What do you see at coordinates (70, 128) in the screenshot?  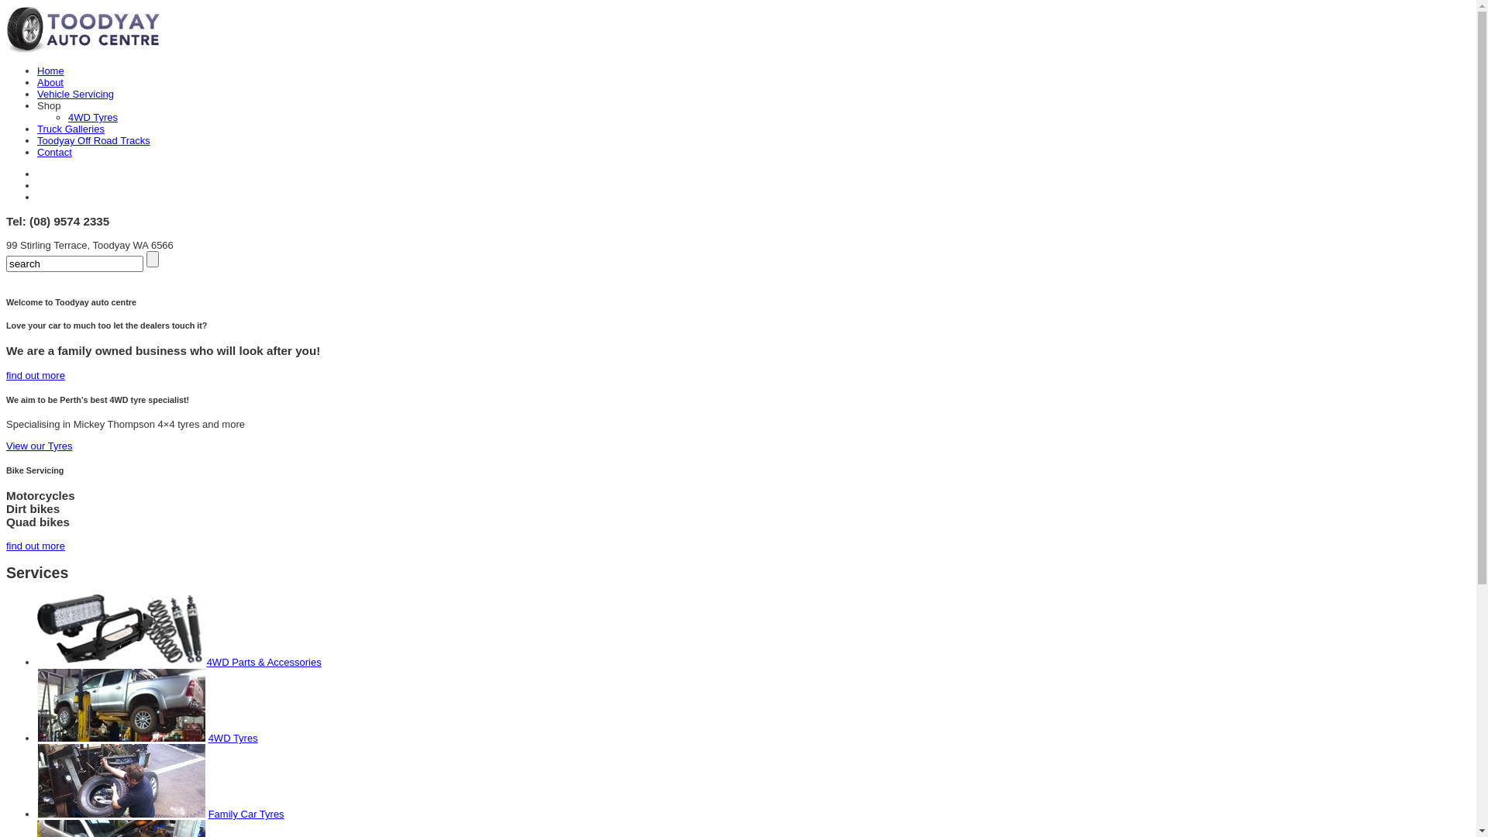 I see `'Truck Galleries'` at bounding box center [70, 128].